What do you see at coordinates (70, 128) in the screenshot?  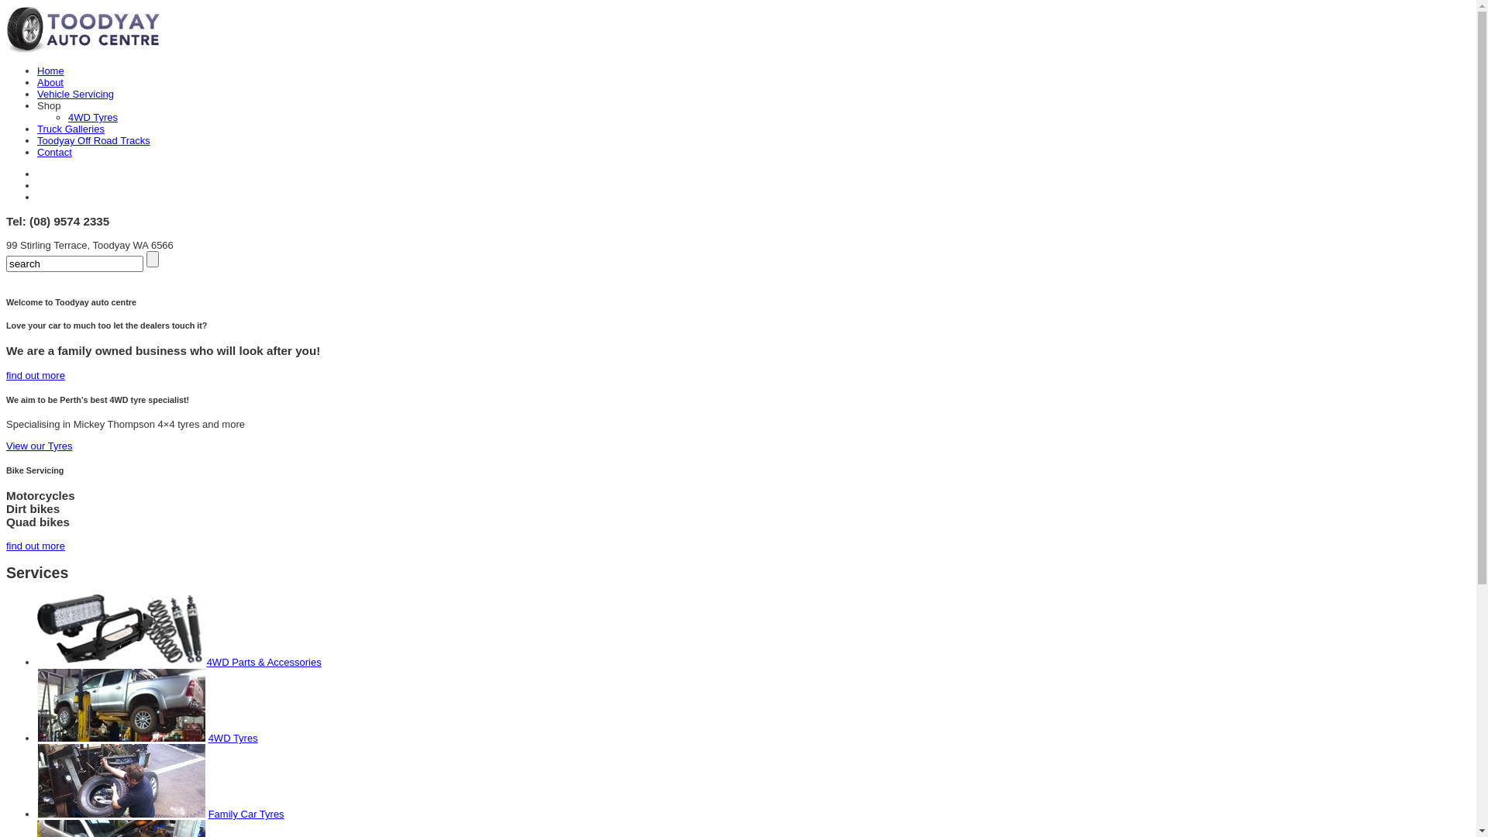 I see `'Truck Galleries'` at bounding box center [70, 128].